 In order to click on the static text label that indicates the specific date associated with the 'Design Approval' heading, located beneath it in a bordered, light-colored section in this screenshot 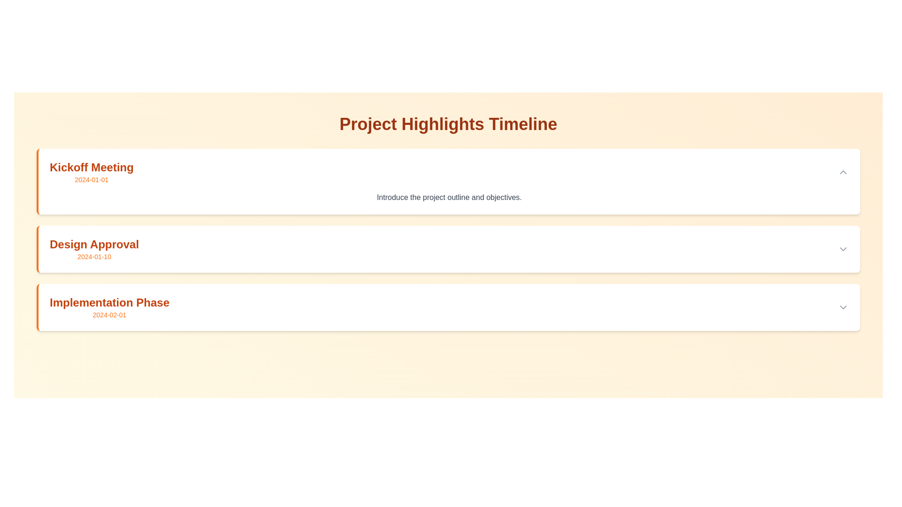, I will do `click(94, 257)`.